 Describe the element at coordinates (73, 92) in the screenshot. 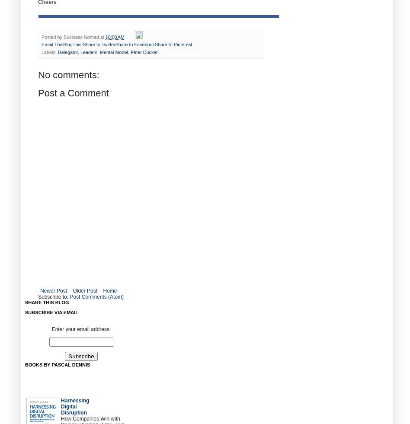

I see `'Post a Comment'` at that location.